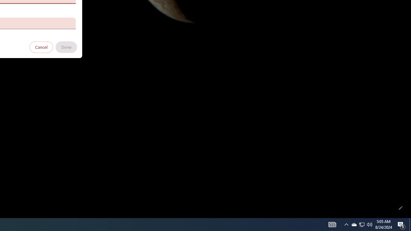  What do you see at coordinates (41, 47) in the screenshot?
I see `'Cancel'` at bounding box center [41, 47].